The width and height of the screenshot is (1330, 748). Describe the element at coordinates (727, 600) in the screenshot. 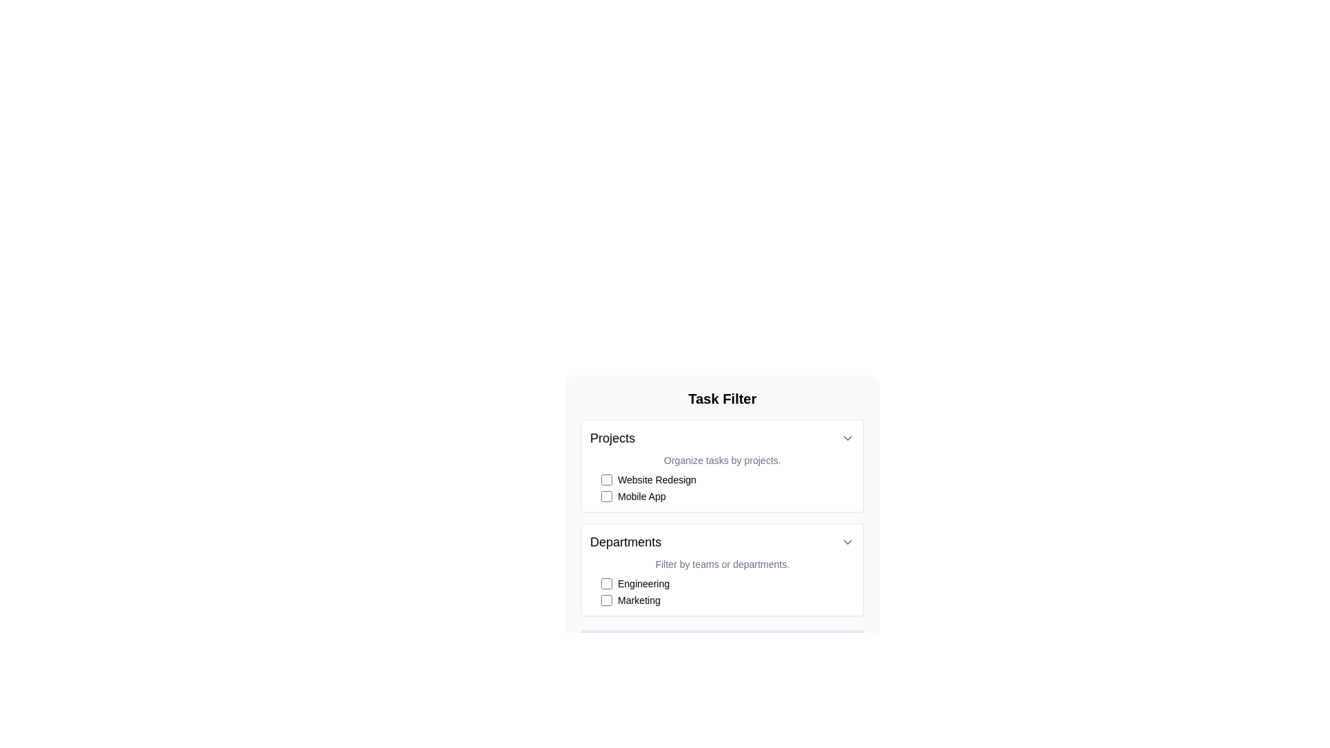

I see `the 'Marketing' department checkbox for keyboard navigation` at that location.